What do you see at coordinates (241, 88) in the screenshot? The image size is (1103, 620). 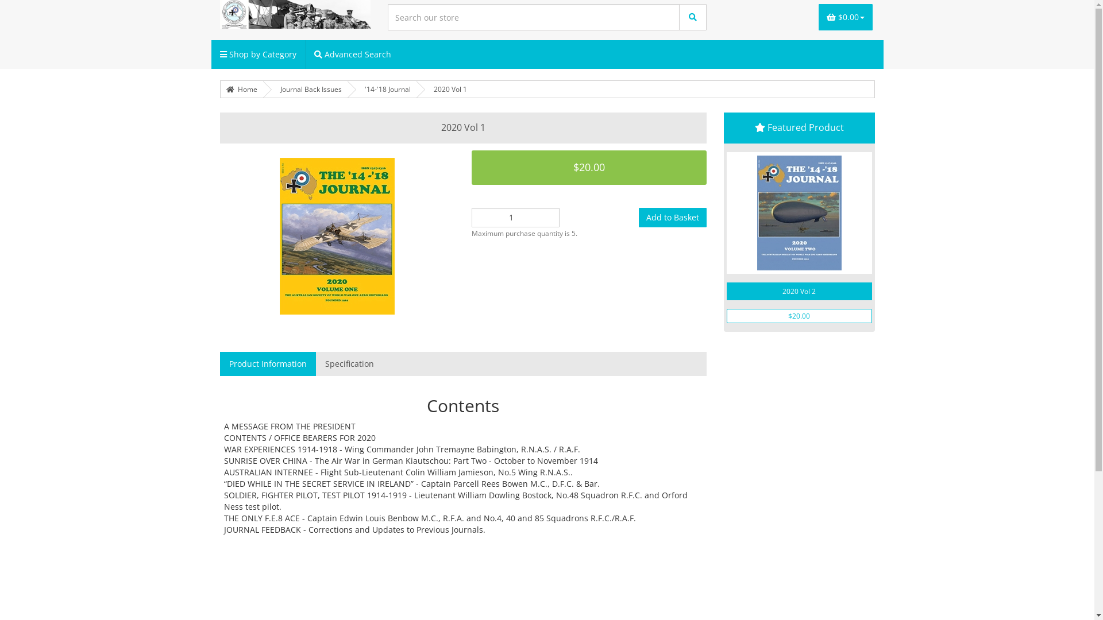 I see `' Home'` at bounding box center [241, 88].